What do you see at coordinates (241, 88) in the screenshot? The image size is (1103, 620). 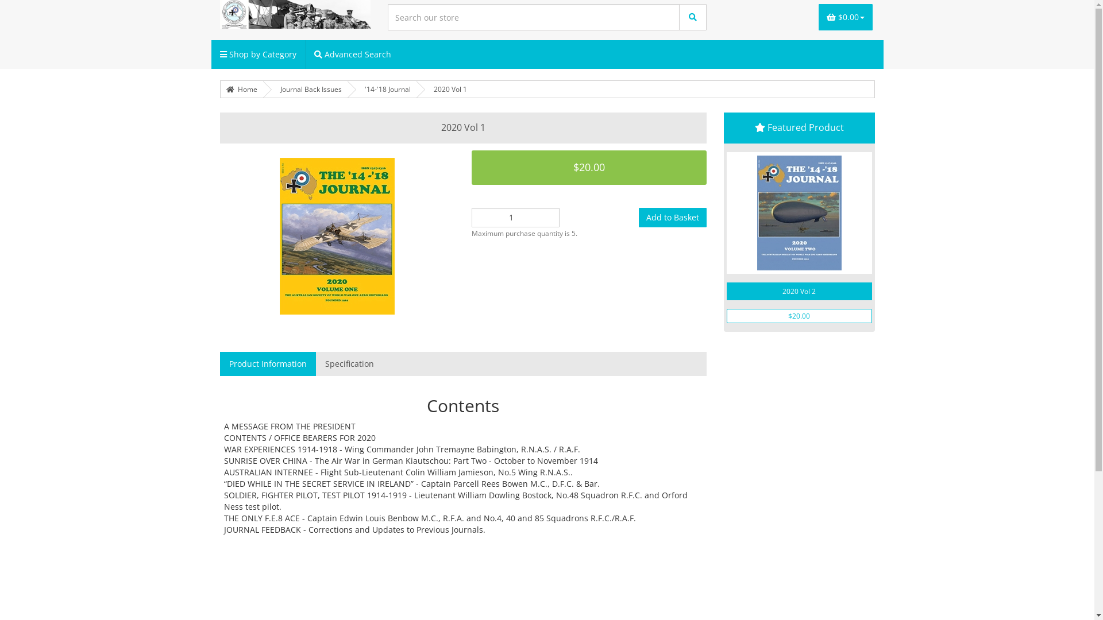 I see `' Home'` at bounding box center [241, 88].